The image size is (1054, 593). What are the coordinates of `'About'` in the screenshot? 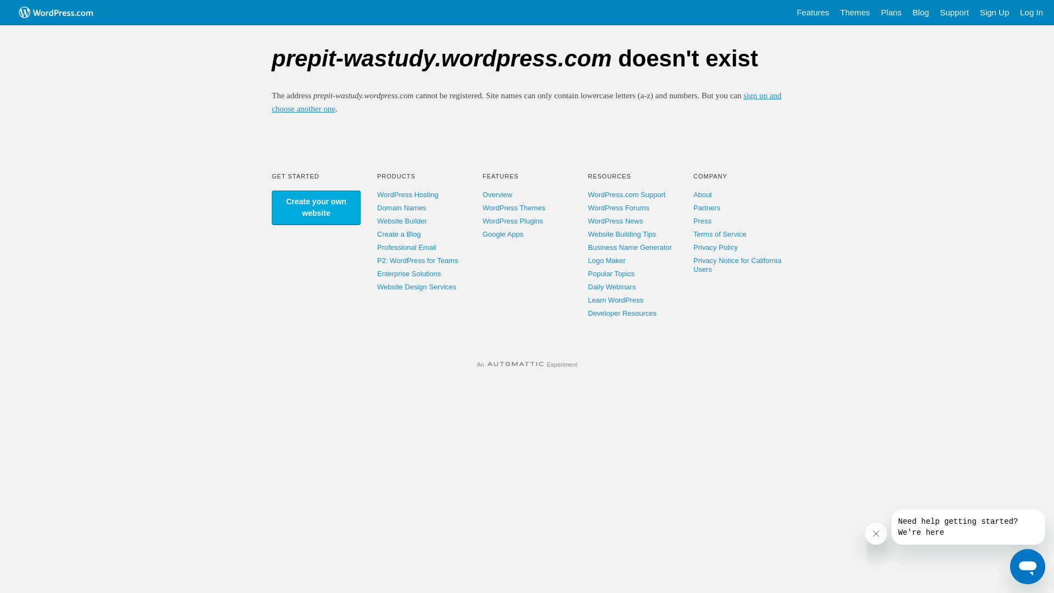 It's located at (703, 194).